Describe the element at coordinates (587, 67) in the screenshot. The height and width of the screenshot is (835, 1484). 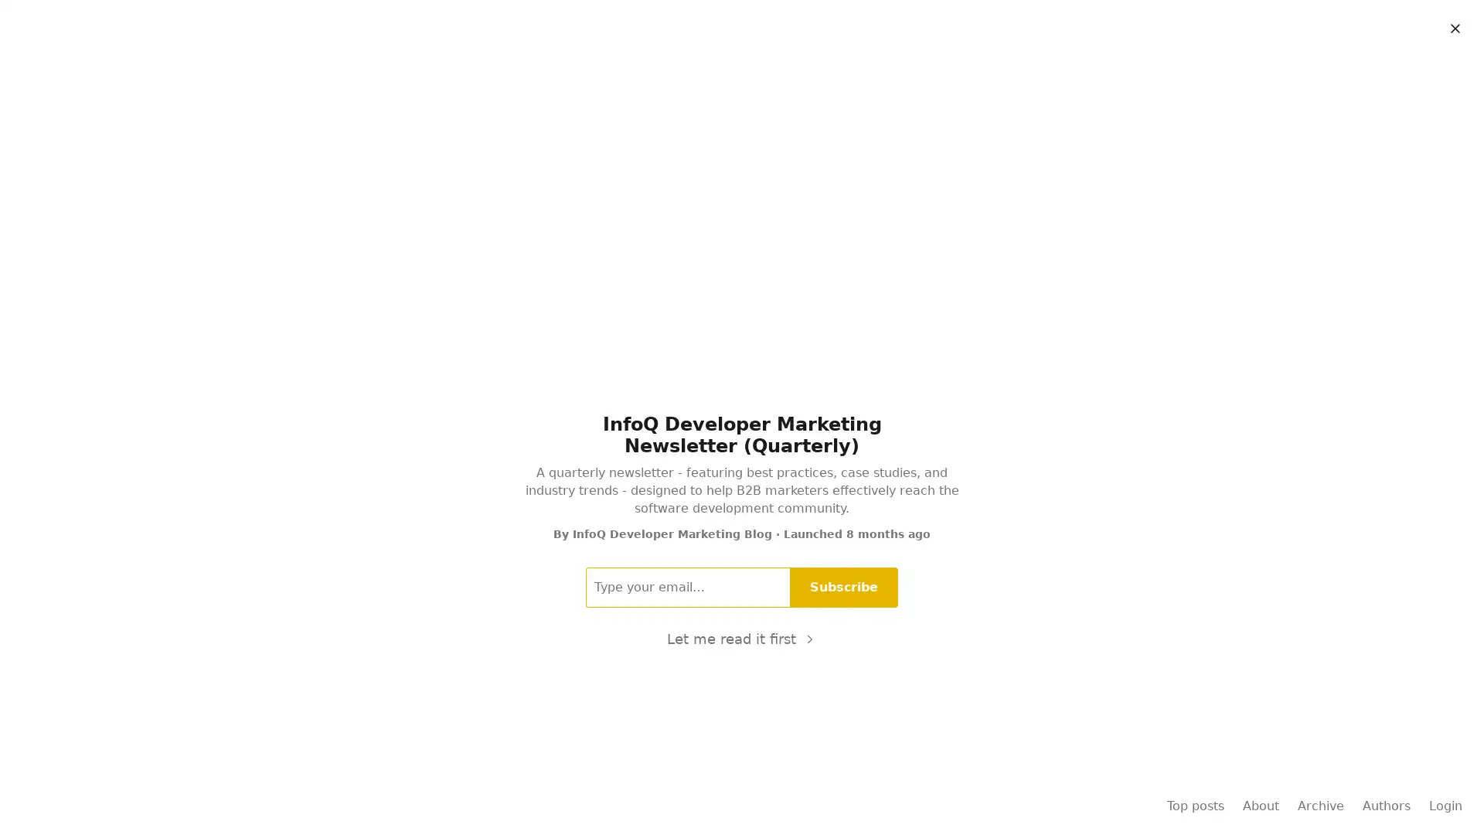
I see `Case Studies` at that location.